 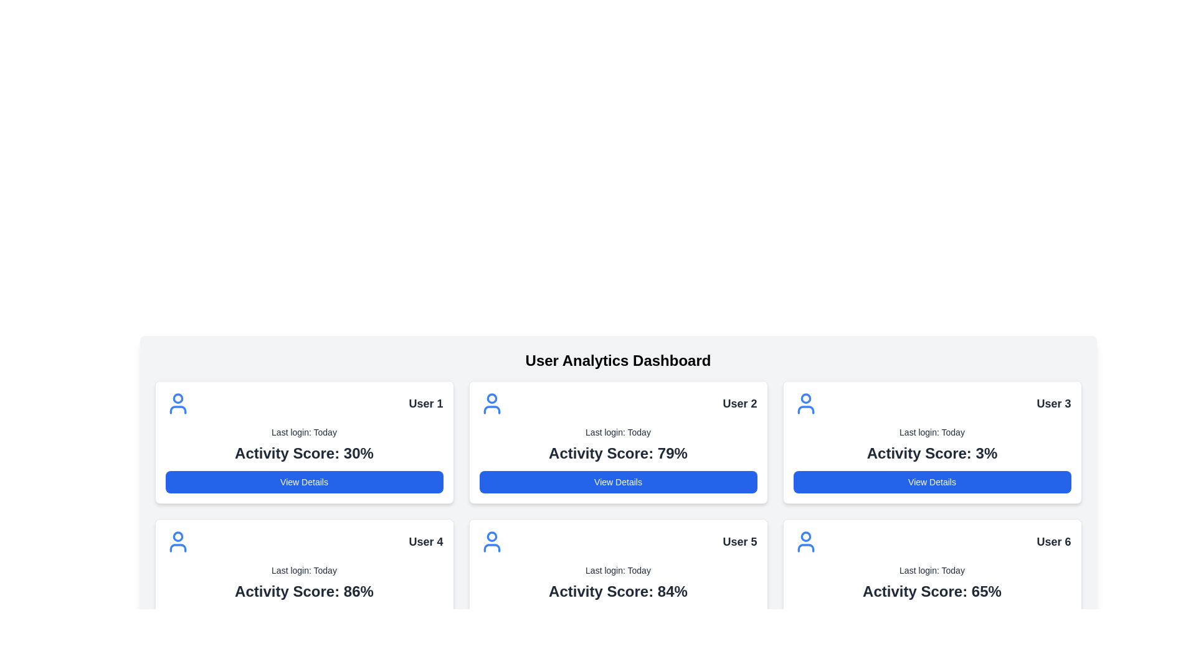 I want to click on the Information Card element containing the user icon and the text 'User 2', which is the second card in the first row of a grid layout, so click(x=618, y=441).